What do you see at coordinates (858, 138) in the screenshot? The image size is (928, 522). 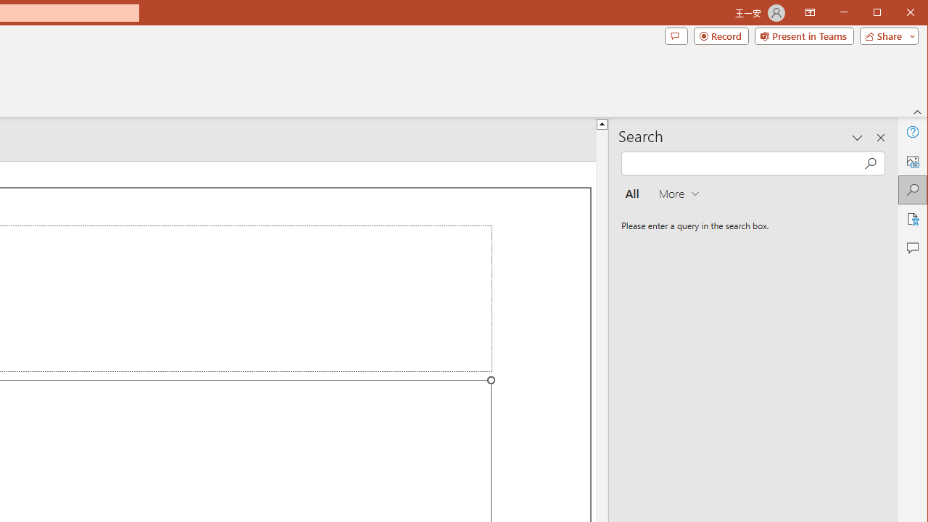 I see `'Task Pane Options'` at bounding box center [858, 138].